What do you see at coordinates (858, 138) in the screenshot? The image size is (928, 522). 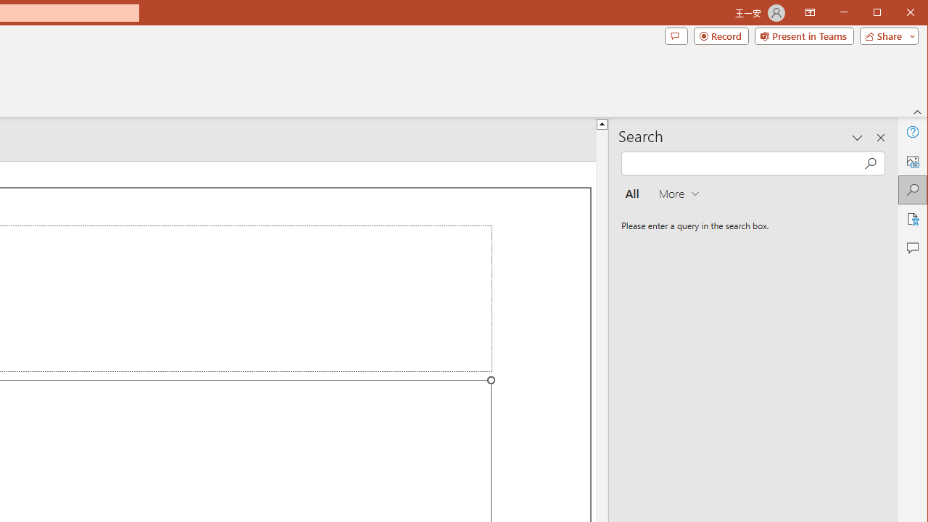 I see `'Task Pane Options'` at bounding box center [858, 138].